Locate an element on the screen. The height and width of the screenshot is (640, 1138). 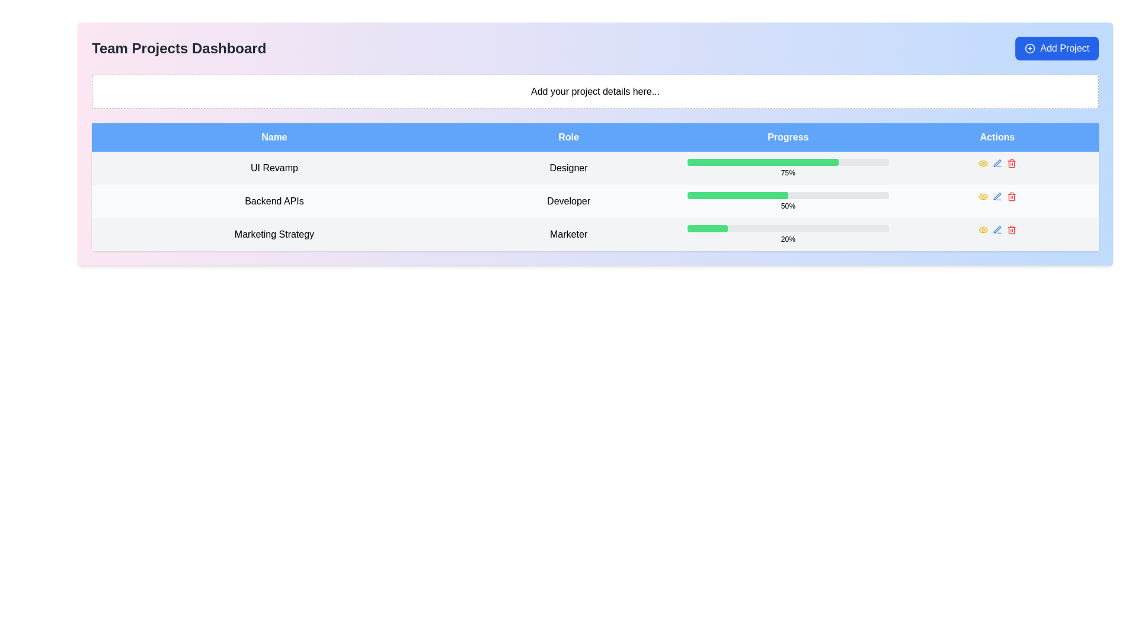
the horizontal progress bar representing 50% progress for 'Backend APIs' in the 'Progress' column is located at coordinates (788, 195).